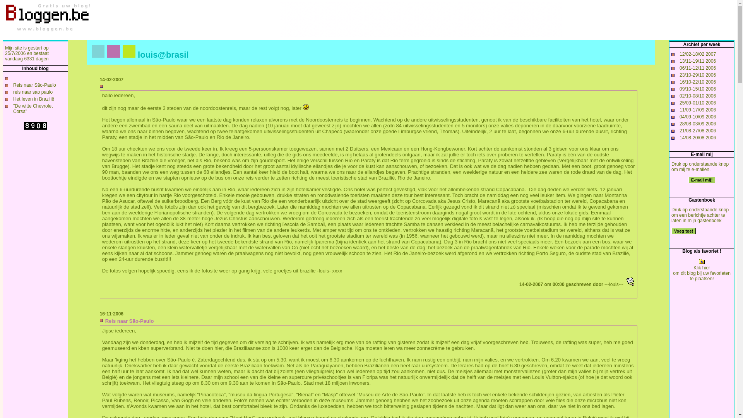 The height and width of the screenshot is (418, 743). I want to click on '09/10-15/10 2006', so click(698, 89).